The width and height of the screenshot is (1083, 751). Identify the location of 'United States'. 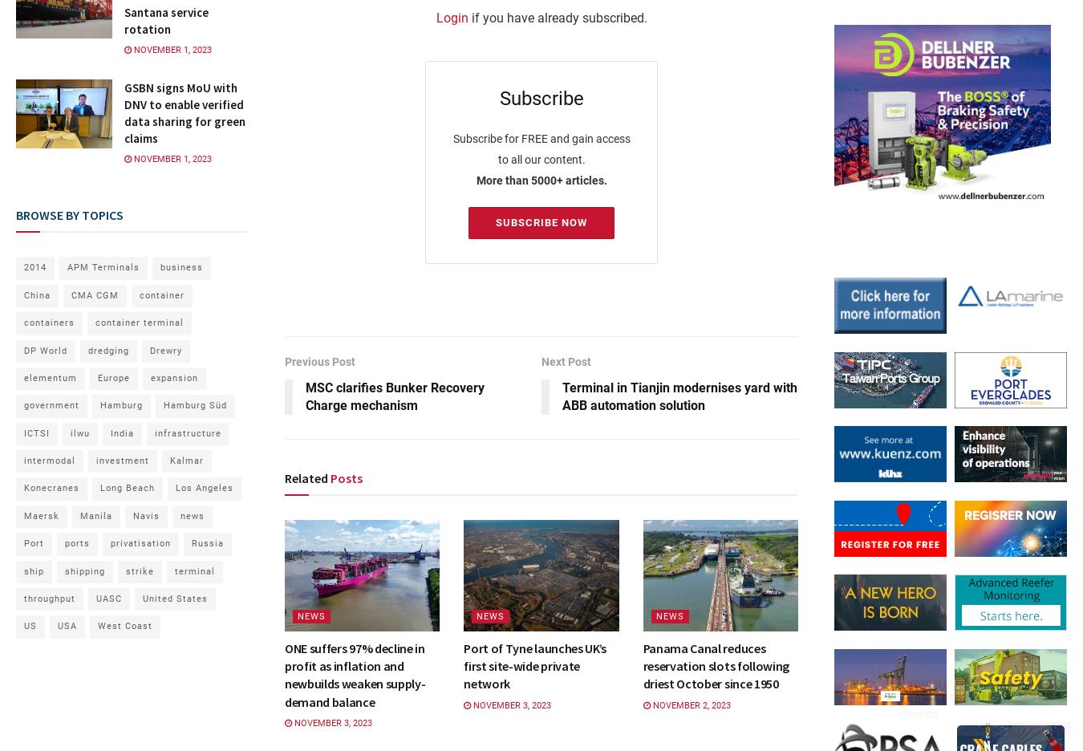
(175, 599).